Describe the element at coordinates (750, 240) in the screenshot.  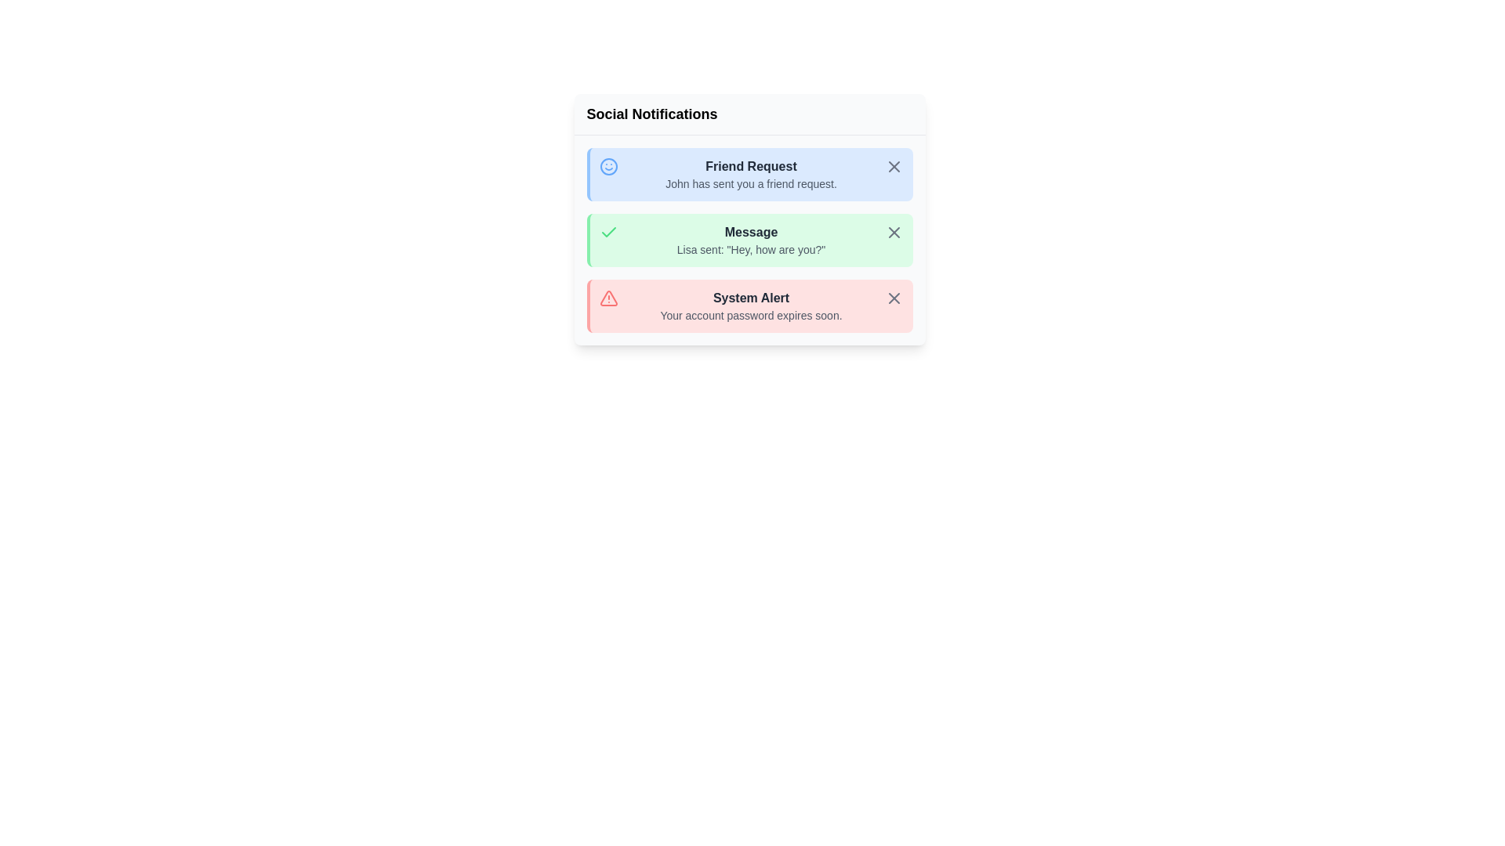
I see `the text display element that shows the message 'Lisa sent: "Hey, how are you?"' with the title 'Message', located in the 'Social Notifications' section` at that location.